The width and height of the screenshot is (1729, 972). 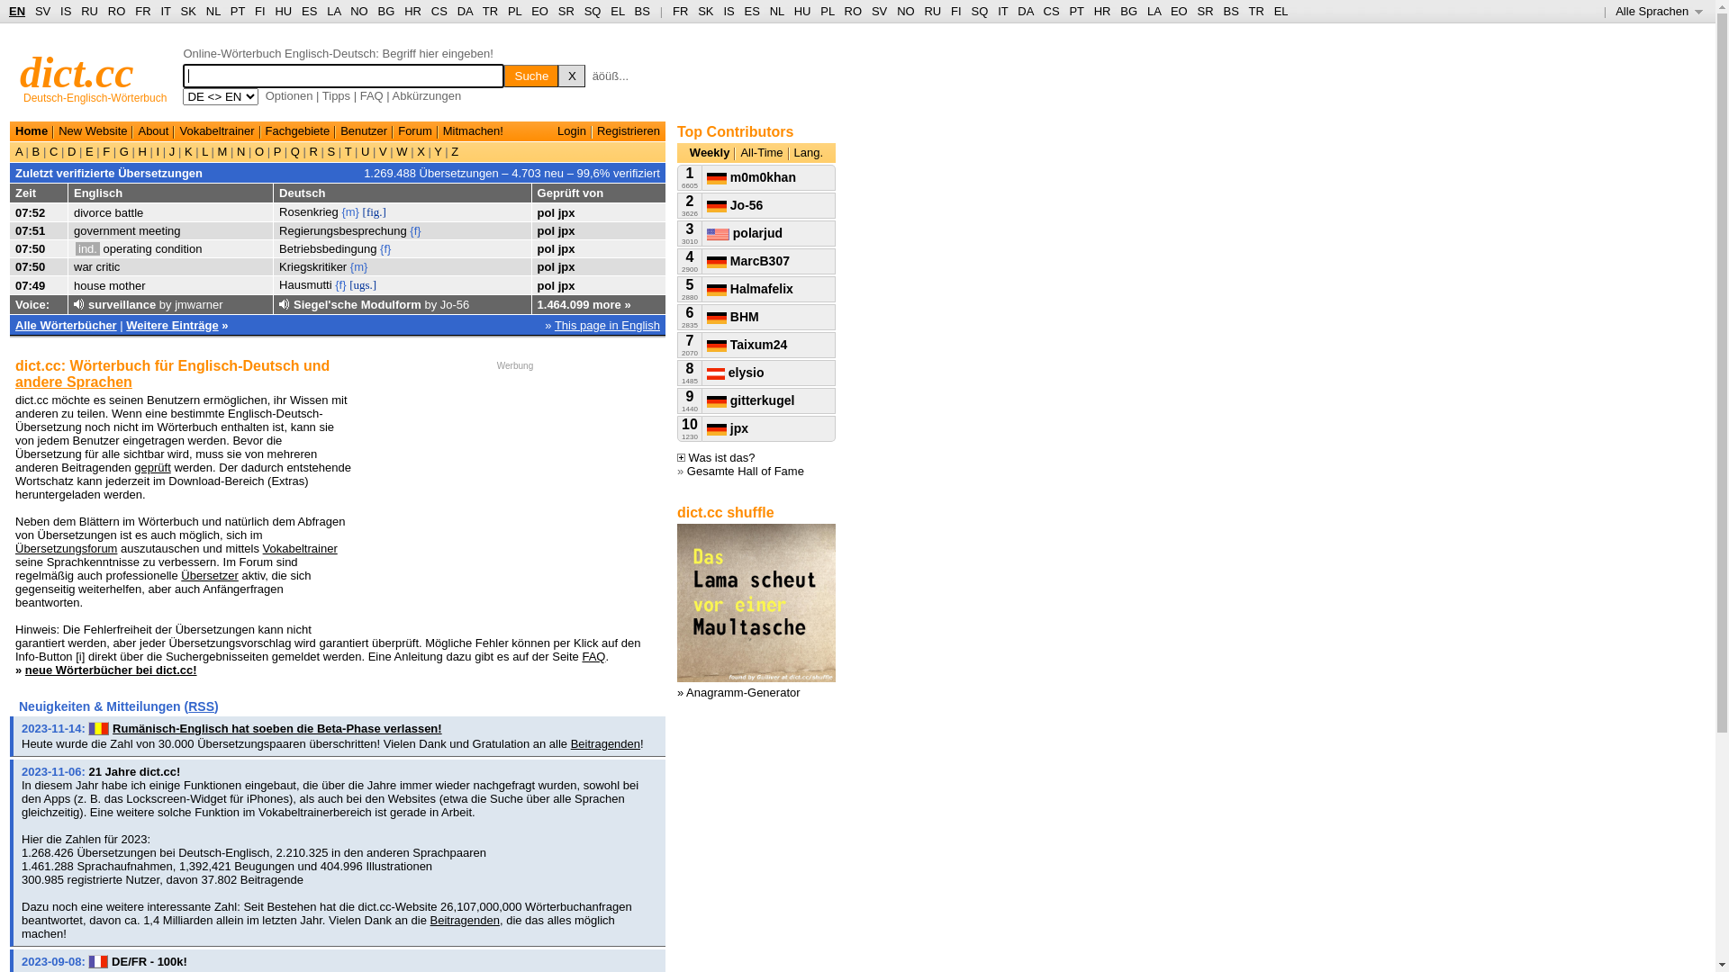 I want to click on 'C', so click(x=53, y=150).